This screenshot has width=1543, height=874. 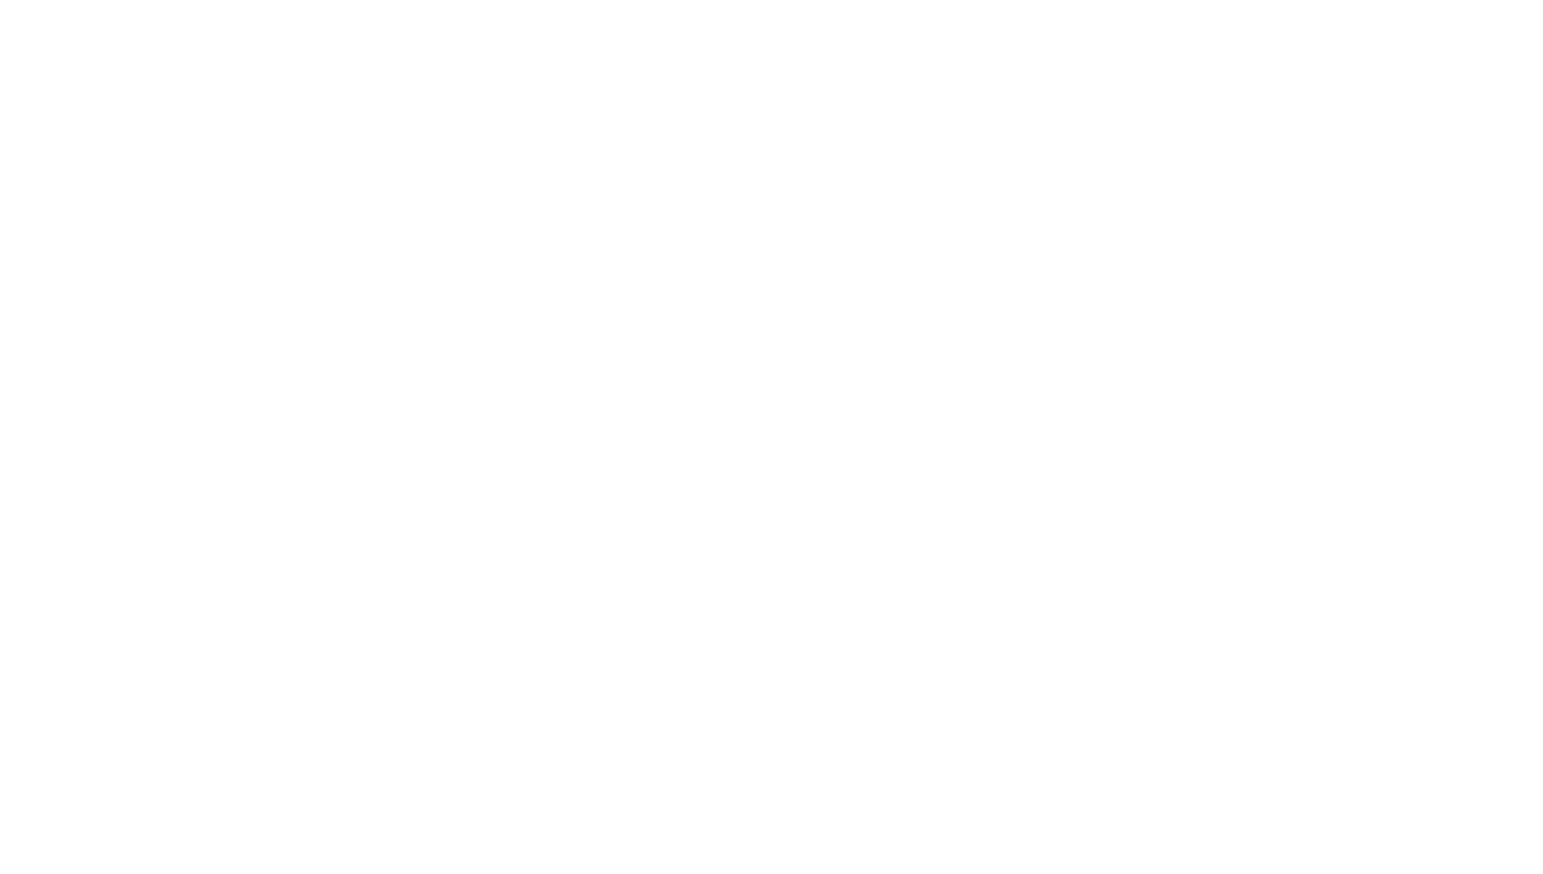 What do you see at coordinates (509, 97) in the screenshot?
I see `'The new software brings the company’s Anubis audio interface into the live sound realm, making it useful for personal monitor mixes and more.'` at bounding box center [509, 97].